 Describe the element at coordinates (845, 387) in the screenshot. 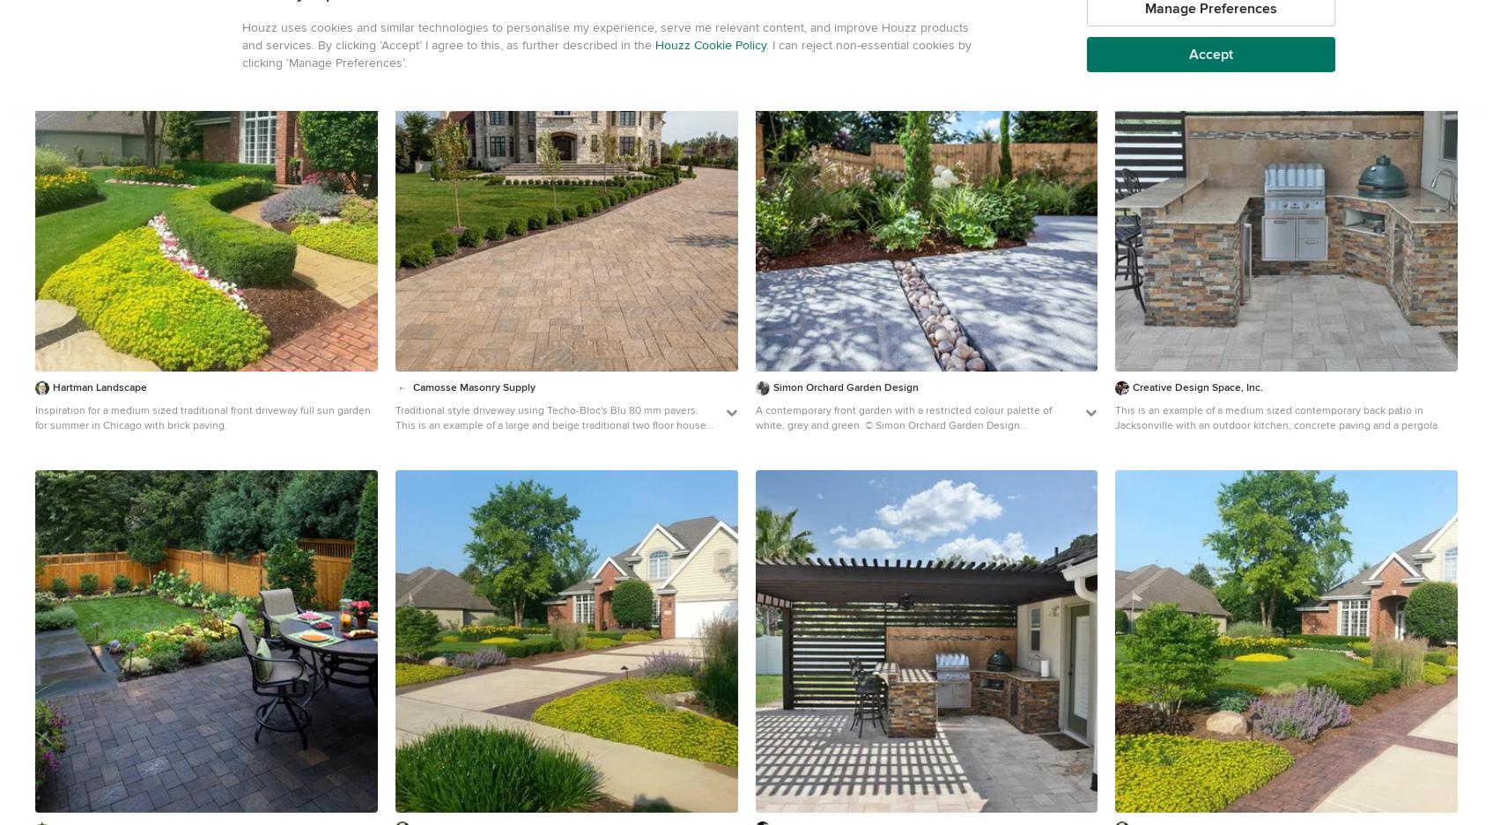

I see `'Simon Orchard Garden Design'` at that location.